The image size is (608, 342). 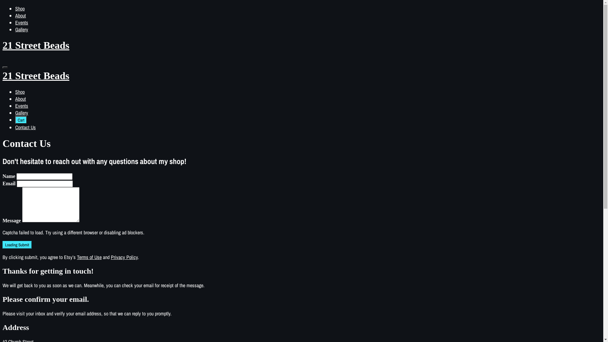 What do you see at coordinates (17, 244) in the screenshot?
I see `'Loading Submit'` at bounding box center [17, 244].